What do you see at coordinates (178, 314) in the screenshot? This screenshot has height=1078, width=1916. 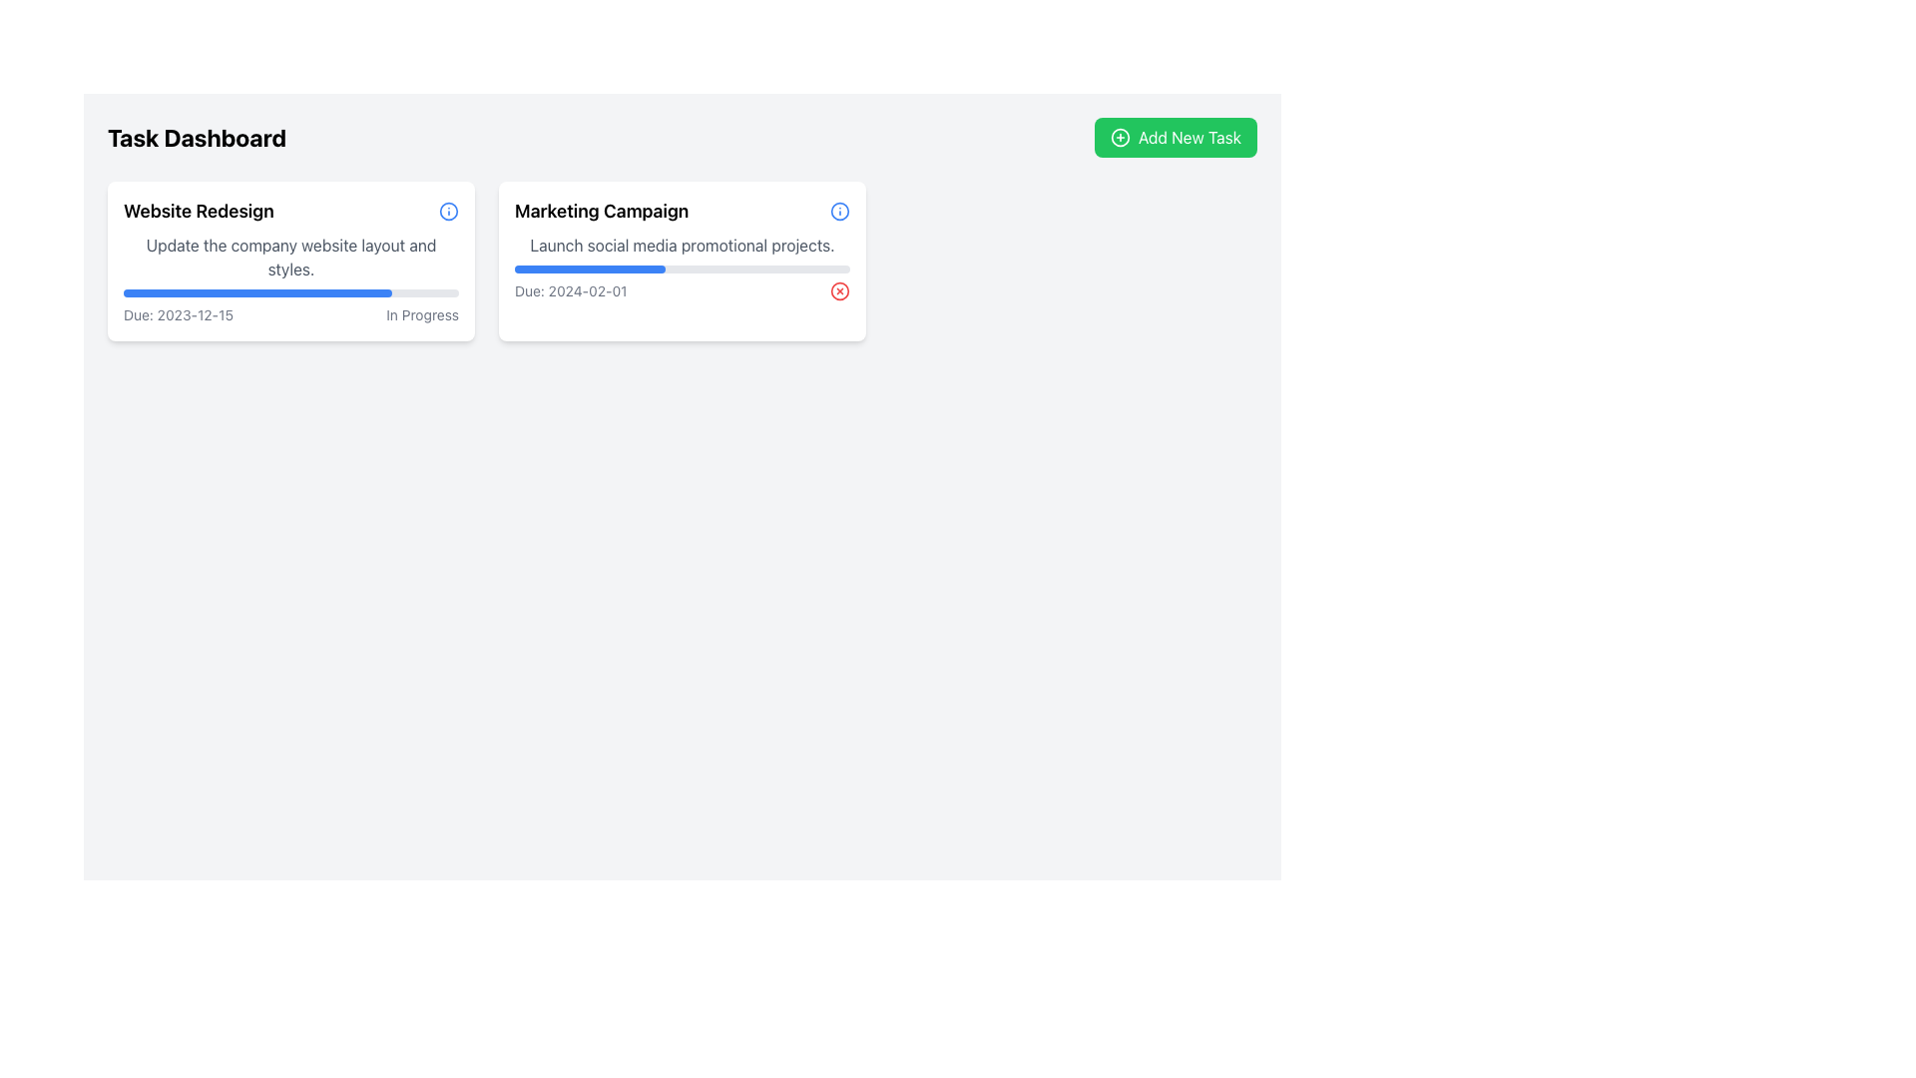 I see `the text element that reads 'Due: 2023-12-15', which is styled in a subtle gray color and located in the bottom-left area of the 'Website Redesign' card` at bounding box center [178, 314].